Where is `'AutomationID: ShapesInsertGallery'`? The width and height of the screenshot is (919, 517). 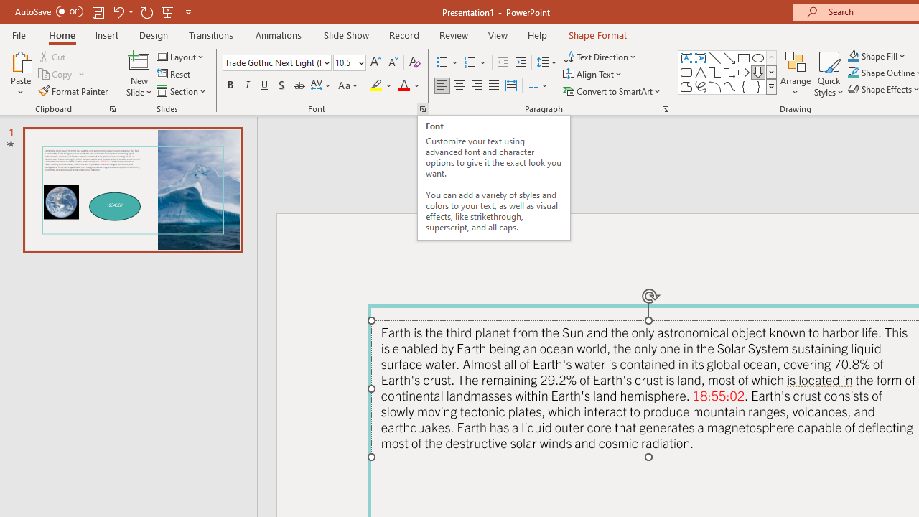 'AutomationID: ShapesInsertGallery' is located at coordinates (728, 72).